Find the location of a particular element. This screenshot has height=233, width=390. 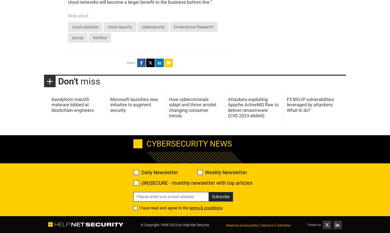

'(IN)SECURE - monthly newsletter with top articles' is located at coordinates (197, 182).